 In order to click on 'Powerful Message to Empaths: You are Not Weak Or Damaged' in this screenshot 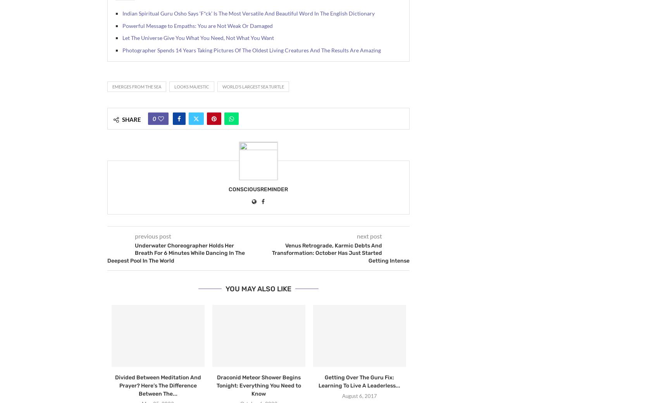, I will do `click(122, 25)`.